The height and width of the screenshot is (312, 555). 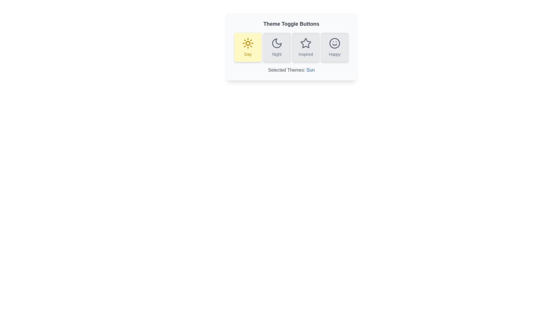 I want to click on the sun icon located within the 'Day' button, displayed in bright yellow with a circular center and linear rays extending outward, so click(x=248, y=43).